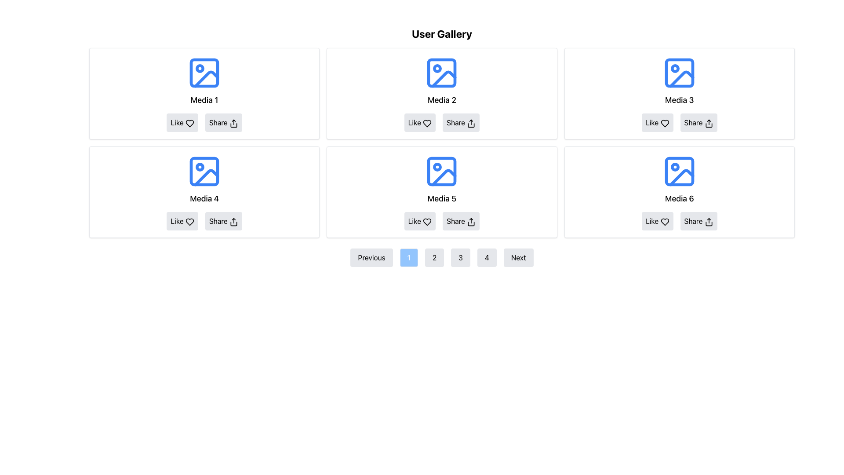 The height and width of the screenshot is (475, 844). Describe the element at coordinates (679, 220) in the screenshot. I see `the 'Share' button in the horizontal action panel located beneath the 'Media 6' text and image` at that location.